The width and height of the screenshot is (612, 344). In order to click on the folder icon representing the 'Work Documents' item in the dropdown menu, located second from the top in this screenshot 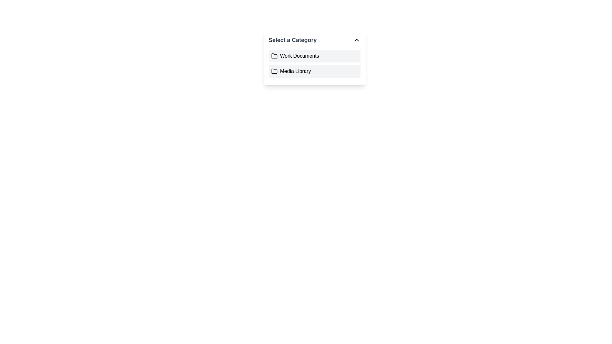, I will do `click(274, 56)`.